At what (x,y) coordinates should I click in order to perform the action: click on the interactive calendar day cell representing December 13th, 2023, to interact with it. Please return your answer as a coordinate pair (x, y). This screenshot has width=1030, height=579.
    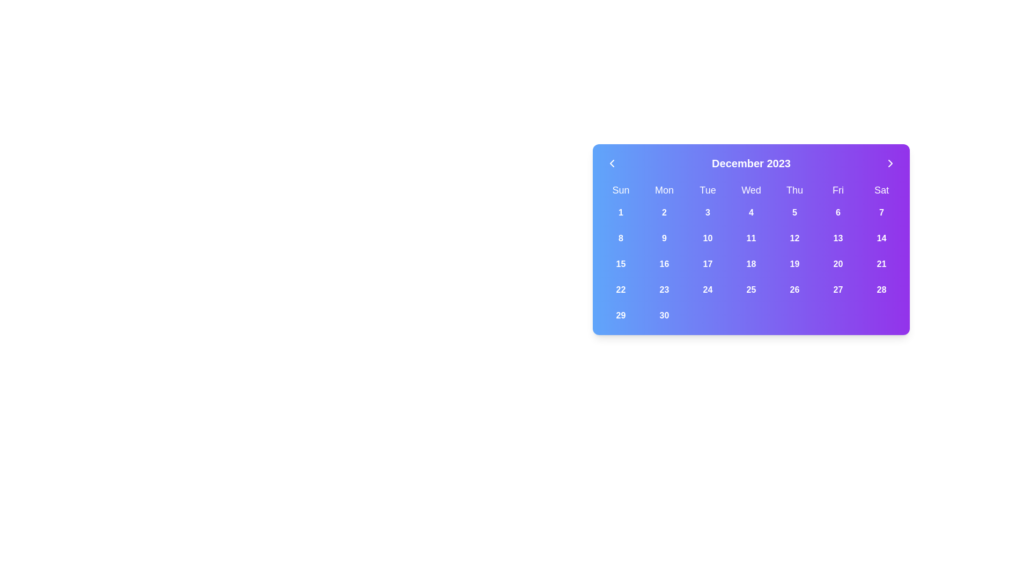
    Looking at the image, I should click on (837, 237).